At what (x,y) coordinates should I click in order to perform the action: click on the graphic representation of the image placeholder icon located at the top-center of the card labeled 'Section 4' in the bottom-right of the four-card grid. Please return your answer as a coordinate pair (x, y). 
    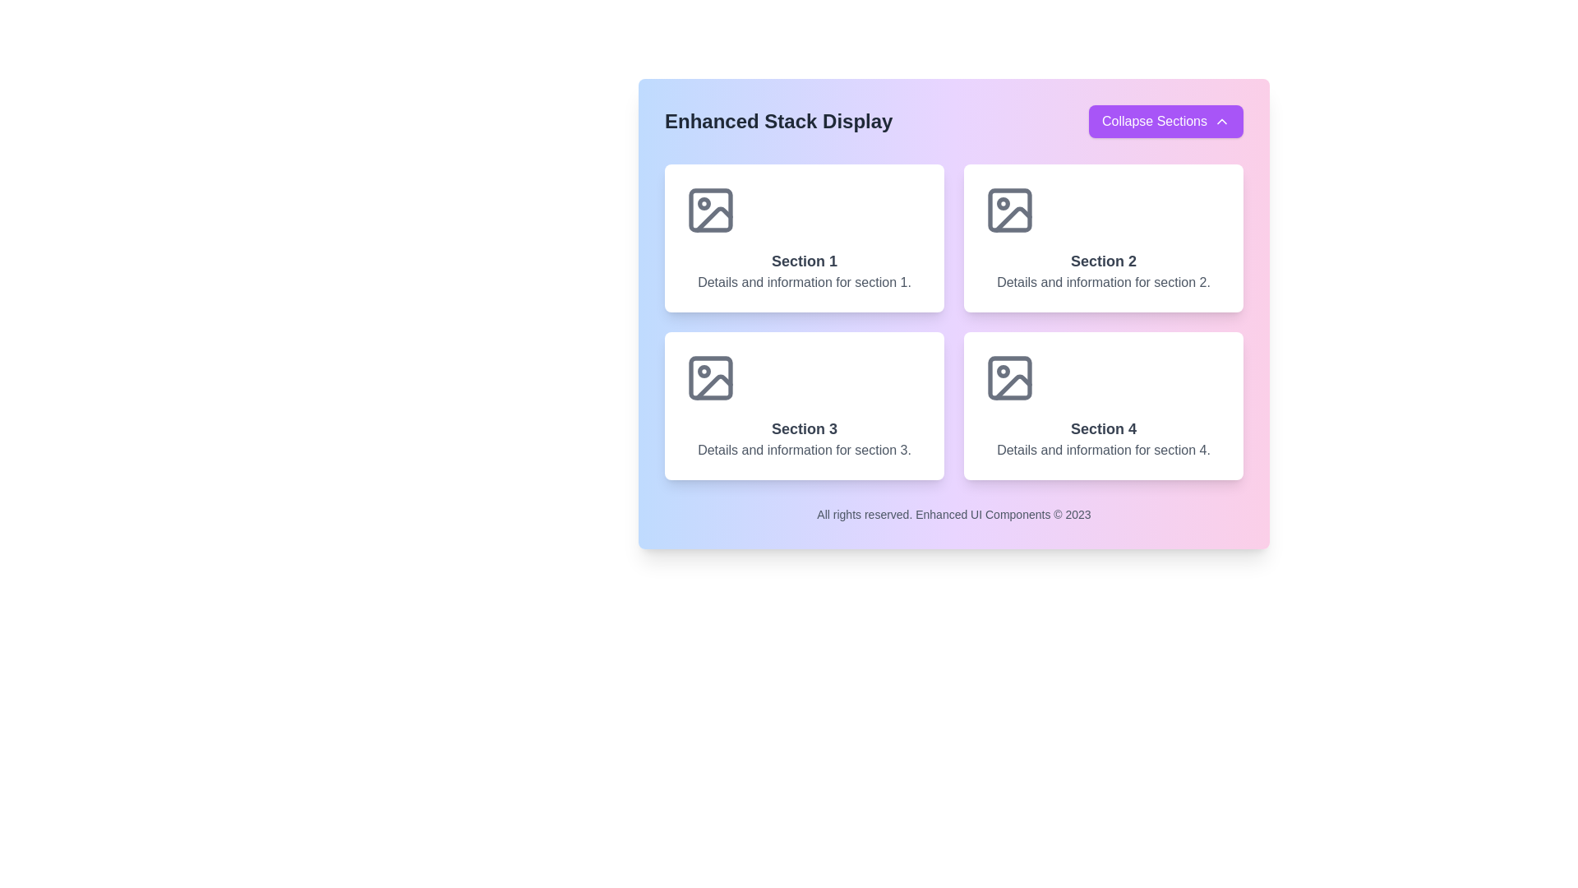
    Looking at the image, I should click on (1008, 377).